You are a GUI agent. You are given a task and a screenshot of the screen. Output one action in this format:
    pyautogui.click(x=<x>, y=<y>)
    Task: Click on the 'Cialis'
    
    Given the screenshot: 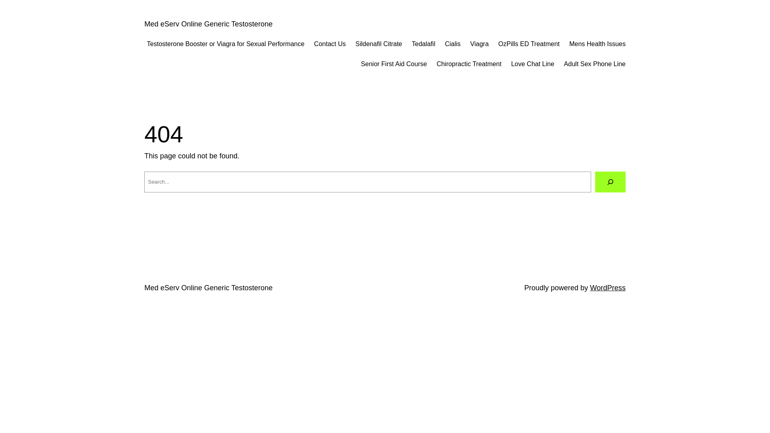 What is the action you would take?
    pyautogui.click(x=452, y=44)
    